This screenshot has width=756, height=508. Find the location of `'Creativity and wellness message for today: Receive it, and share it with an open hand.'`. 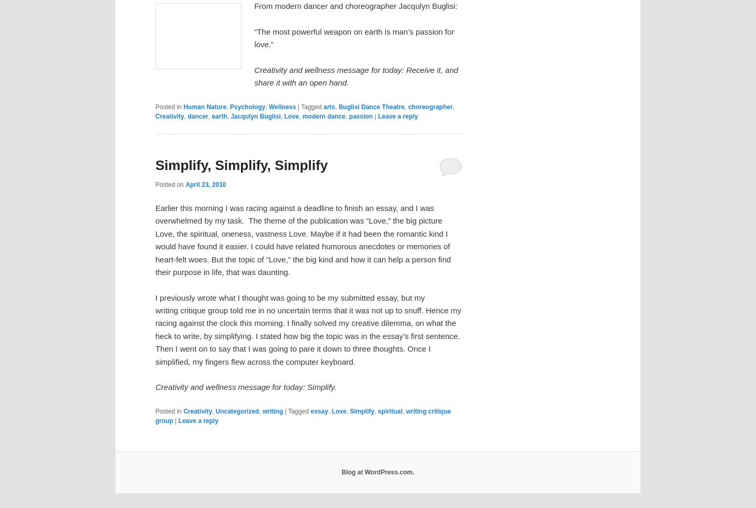

'Creativity and wellness message for today: Receive it, and share it with an open hand.' is located at coordinates (355, 76).